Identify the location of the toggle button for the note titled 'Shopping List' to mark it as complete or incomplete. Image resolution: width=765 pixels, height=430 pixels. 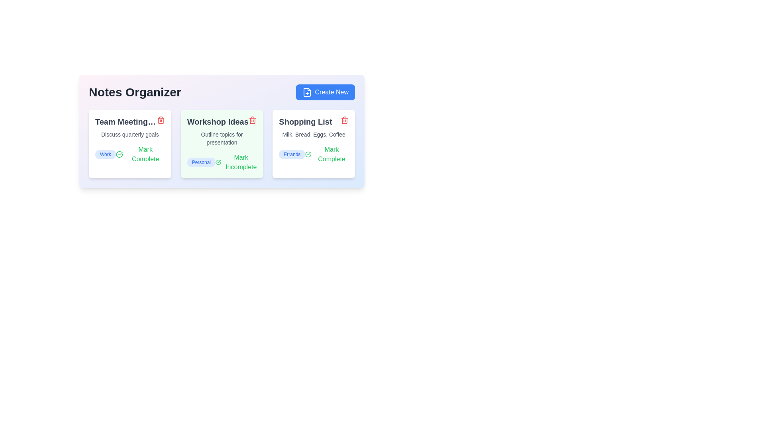
(327, 154).